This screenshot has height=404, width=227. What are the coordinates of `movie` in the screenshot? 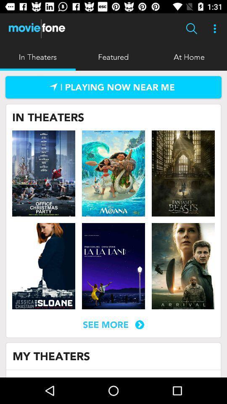 It's located at (113, 266).